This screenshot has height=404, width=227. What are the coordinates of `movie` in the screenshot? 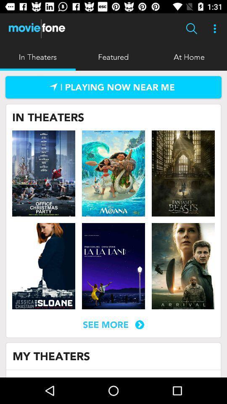 It's located at (113, 266).